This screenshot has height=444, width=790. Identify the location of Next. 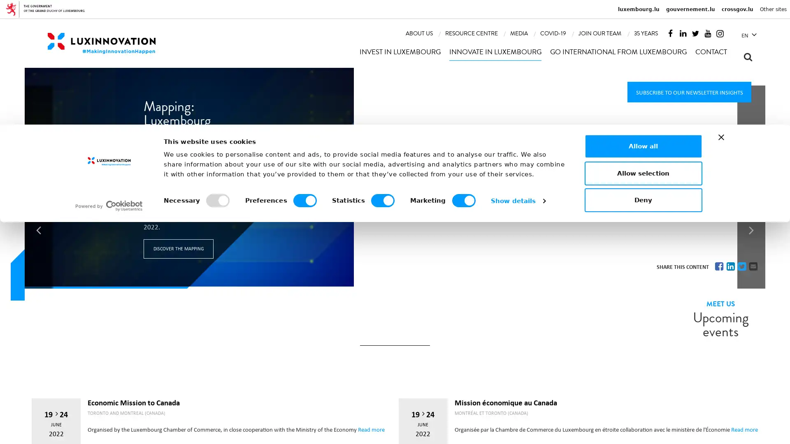
(751, 145).